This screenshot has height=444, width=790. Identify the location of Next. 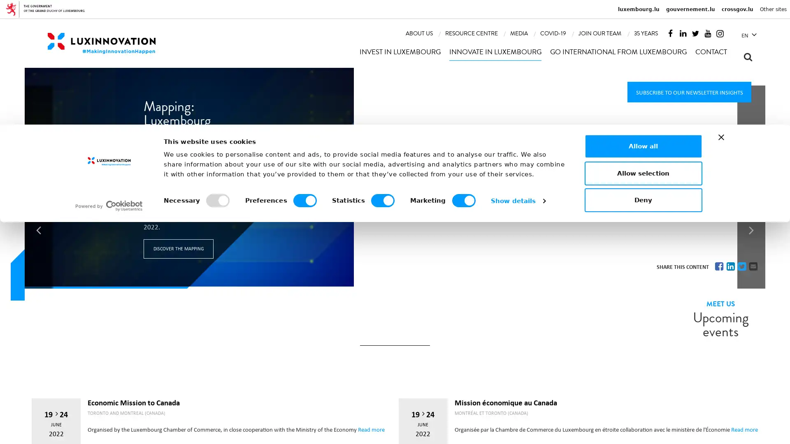
(751, 145).